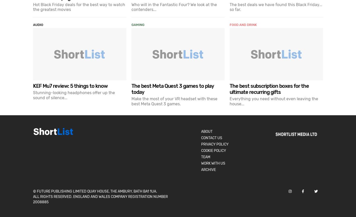 The width and height of the screenshot is (356, 217). Describe the element at coordinates (208, 169) in the screenshot. I see `'Archive'` at that location.